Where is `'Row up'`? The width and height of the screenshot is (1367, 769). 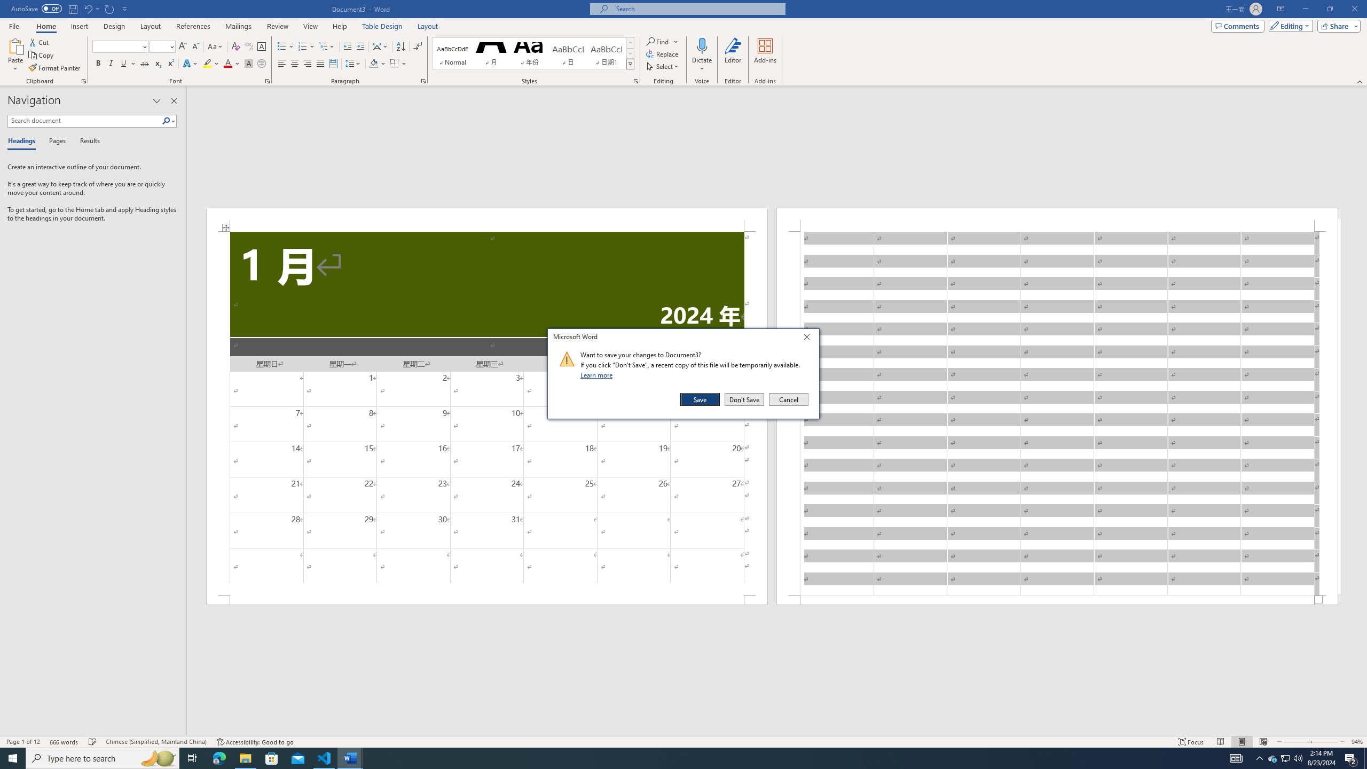
'Row up' is located at coordinates (630, 43).